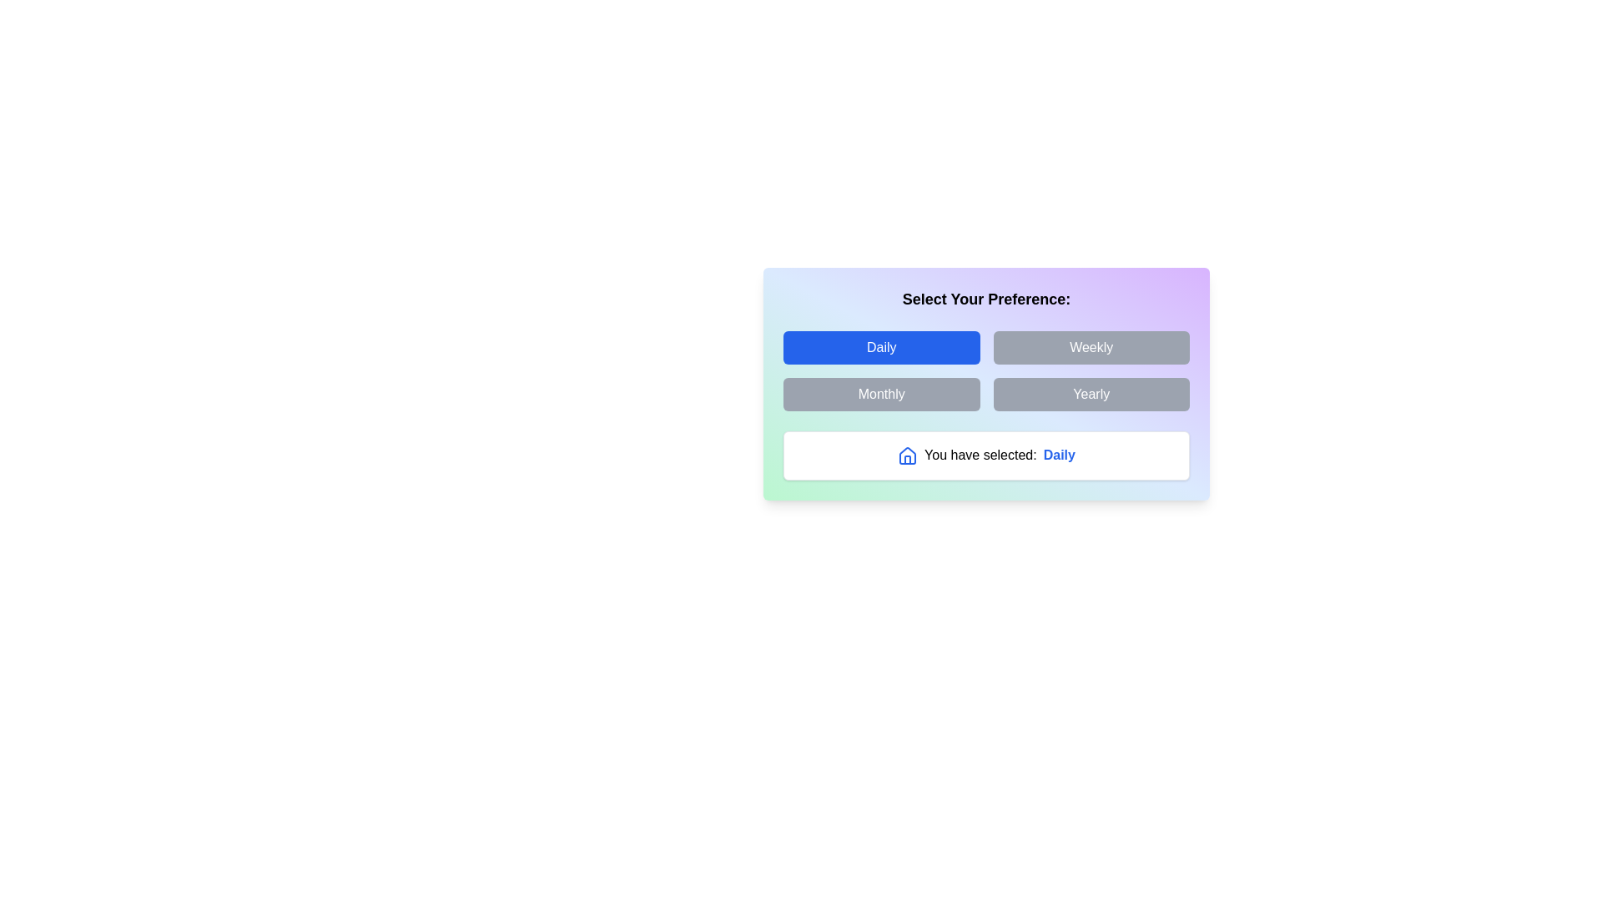 The width and height of the screenshot is (1602, 901). What do you see at coordinates (880, 346) in the screenshot?
I see `the 'Daily' preference button located at the top-left position of the button grid` at bounding box center [880, 346].